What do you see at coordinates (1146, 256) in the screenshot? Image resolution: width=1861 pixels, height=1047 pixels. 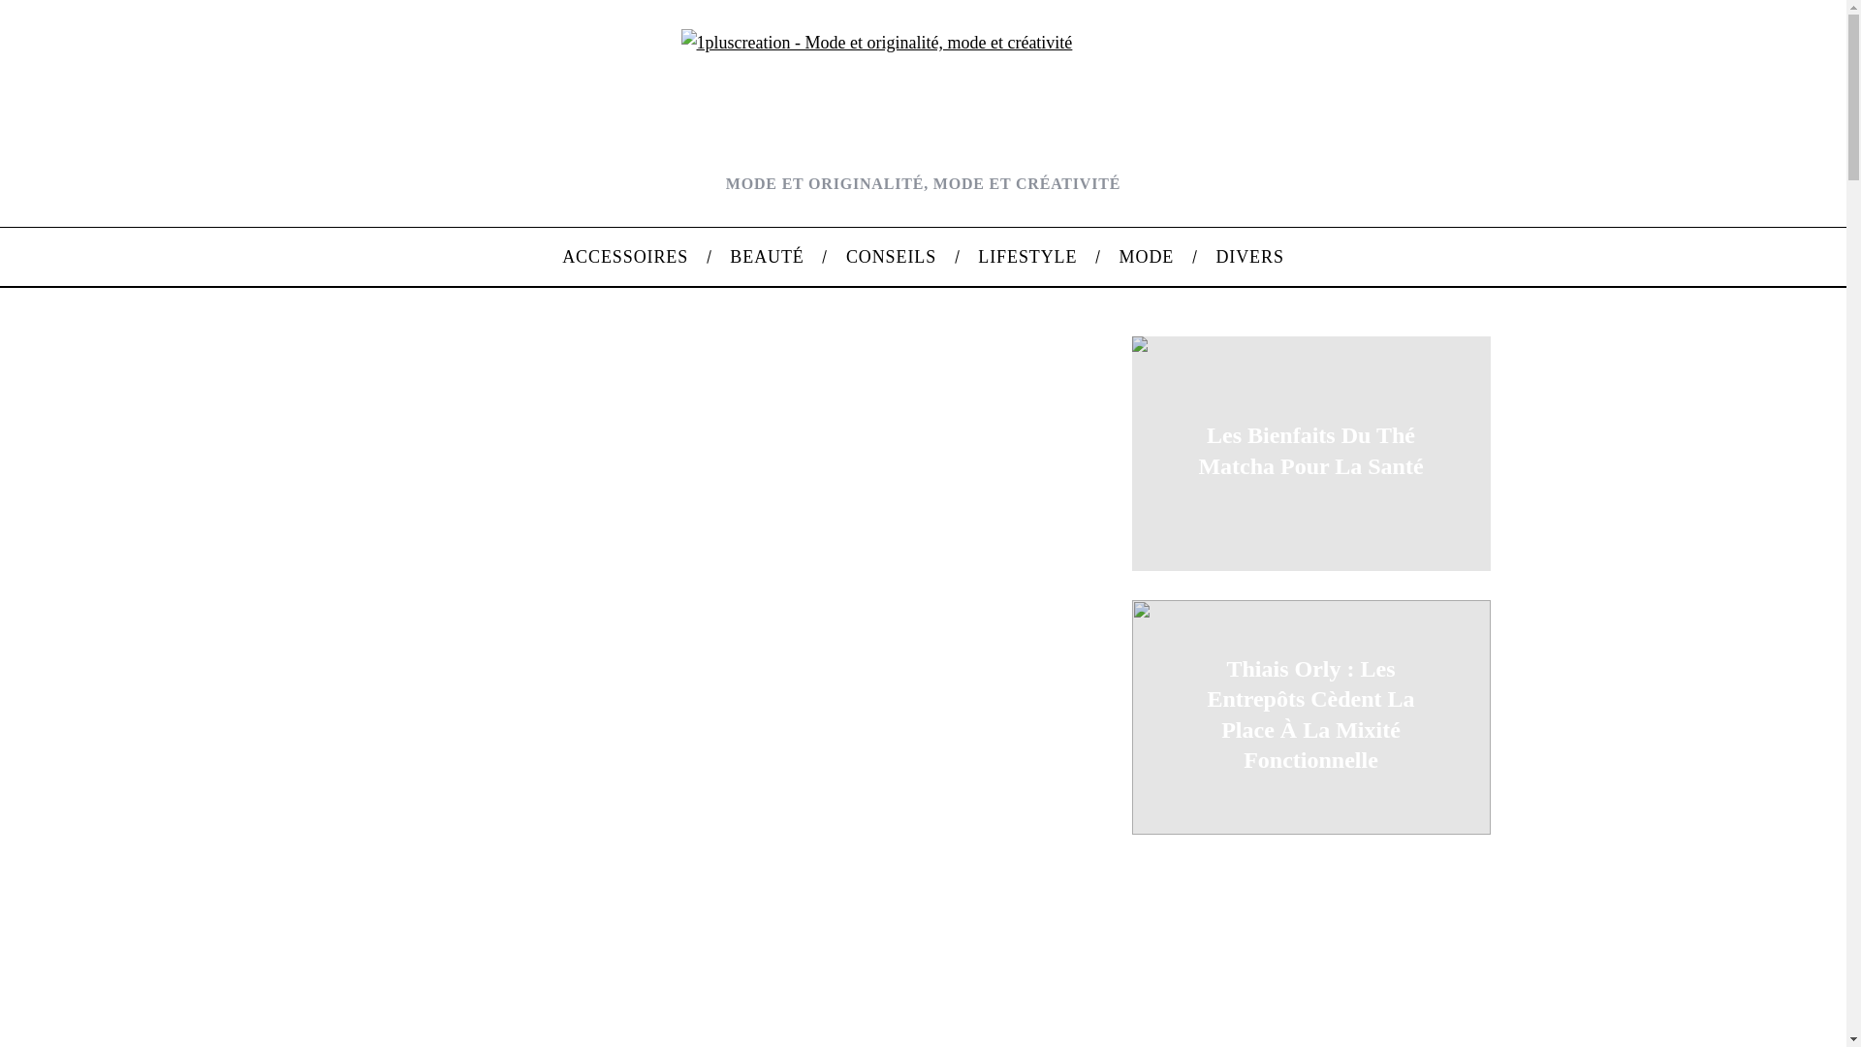 I see `'MODE'` at bounding box center [1146, 256].